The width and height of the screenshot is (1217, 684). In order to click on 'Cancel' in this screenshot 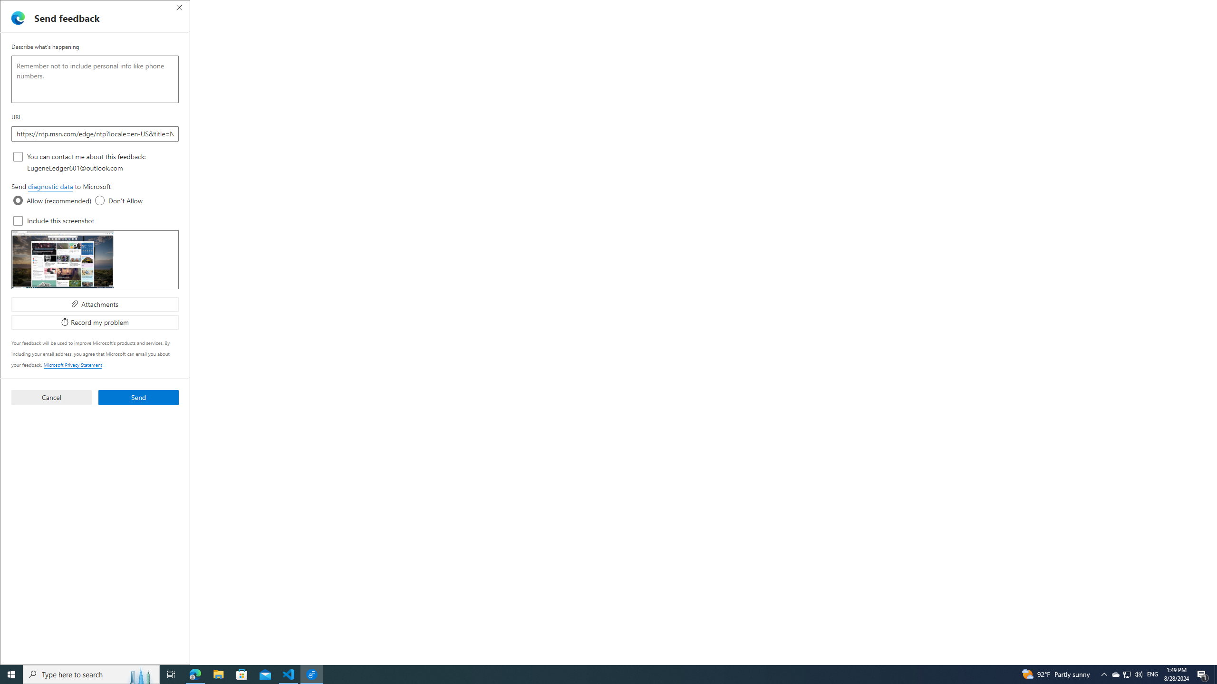, I will do `click(50, 396)`.